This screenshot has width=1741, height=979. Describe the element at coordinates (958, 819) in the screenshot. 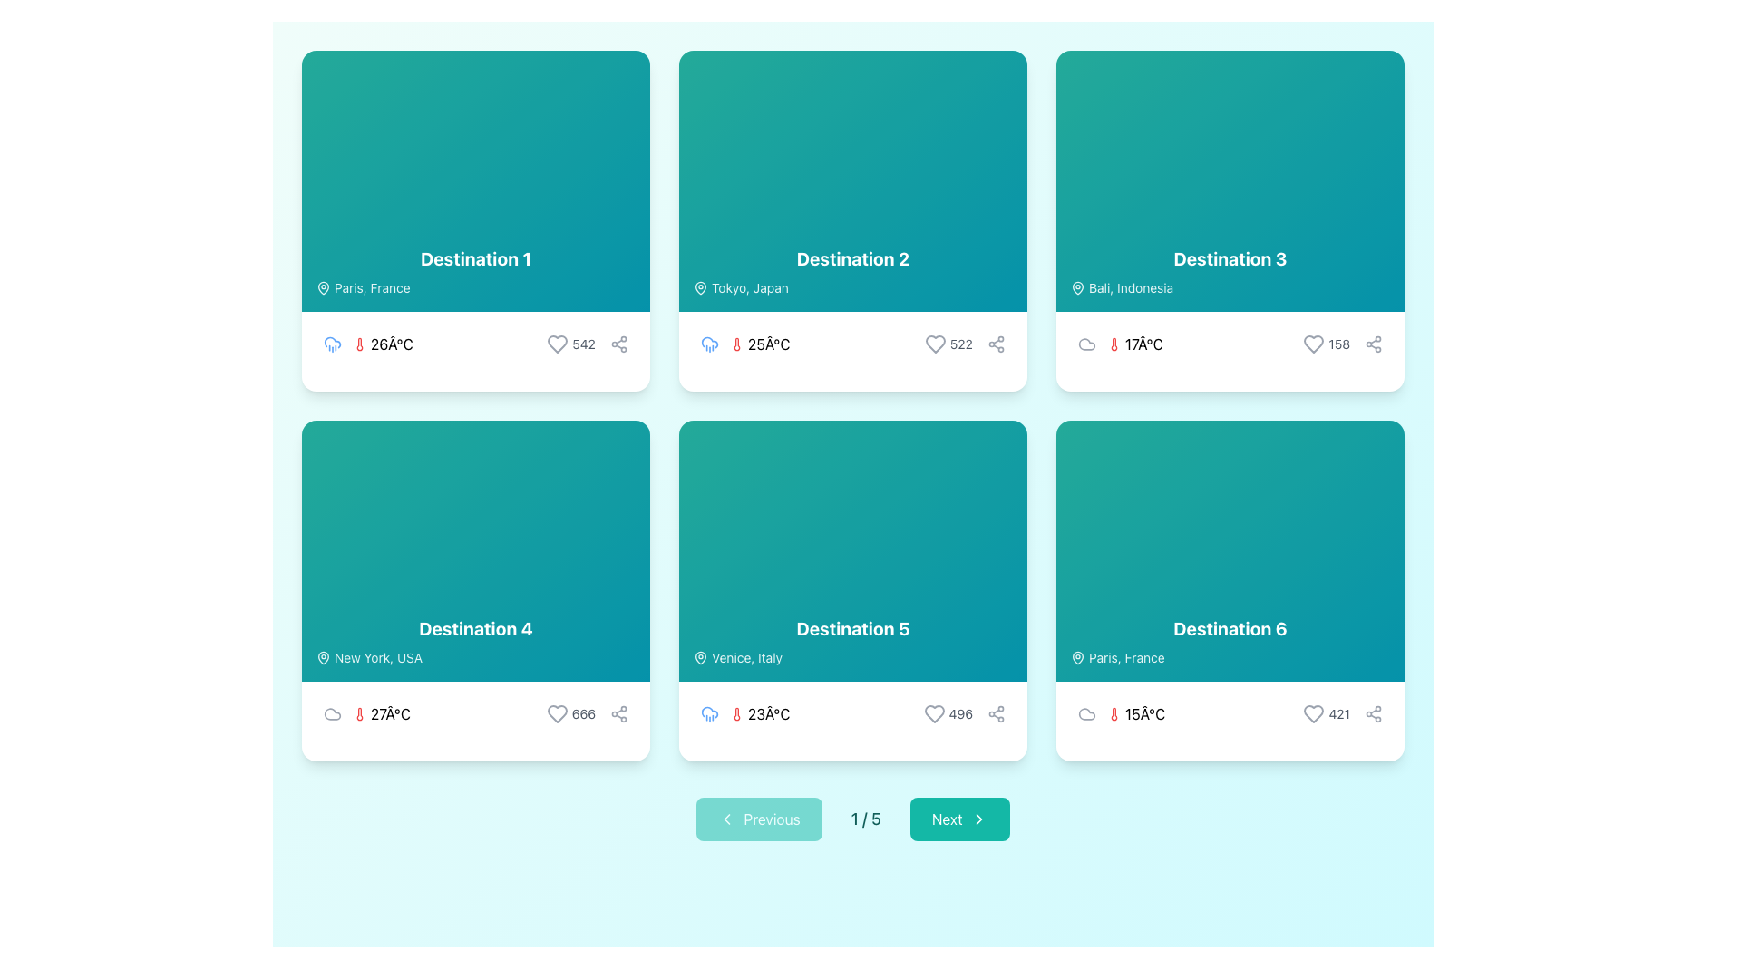

I see `the teal 'Next' button with rounded corners that displays the text 'Next' in white` at that location.